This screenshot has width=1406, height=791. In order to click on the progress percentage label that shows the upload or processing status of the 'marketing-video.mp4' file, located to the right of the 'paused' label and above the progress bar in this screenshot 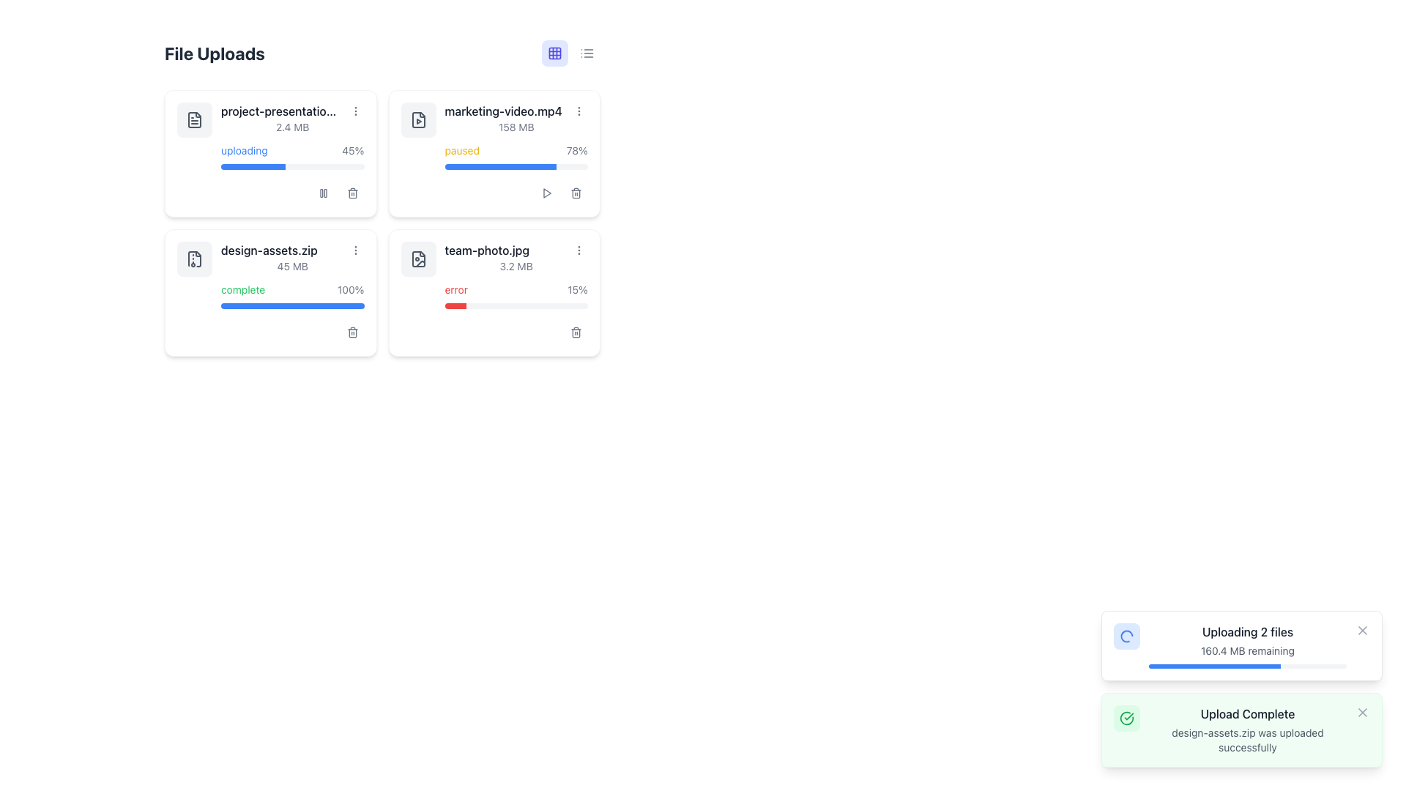, I will do `click(576, 150)`.